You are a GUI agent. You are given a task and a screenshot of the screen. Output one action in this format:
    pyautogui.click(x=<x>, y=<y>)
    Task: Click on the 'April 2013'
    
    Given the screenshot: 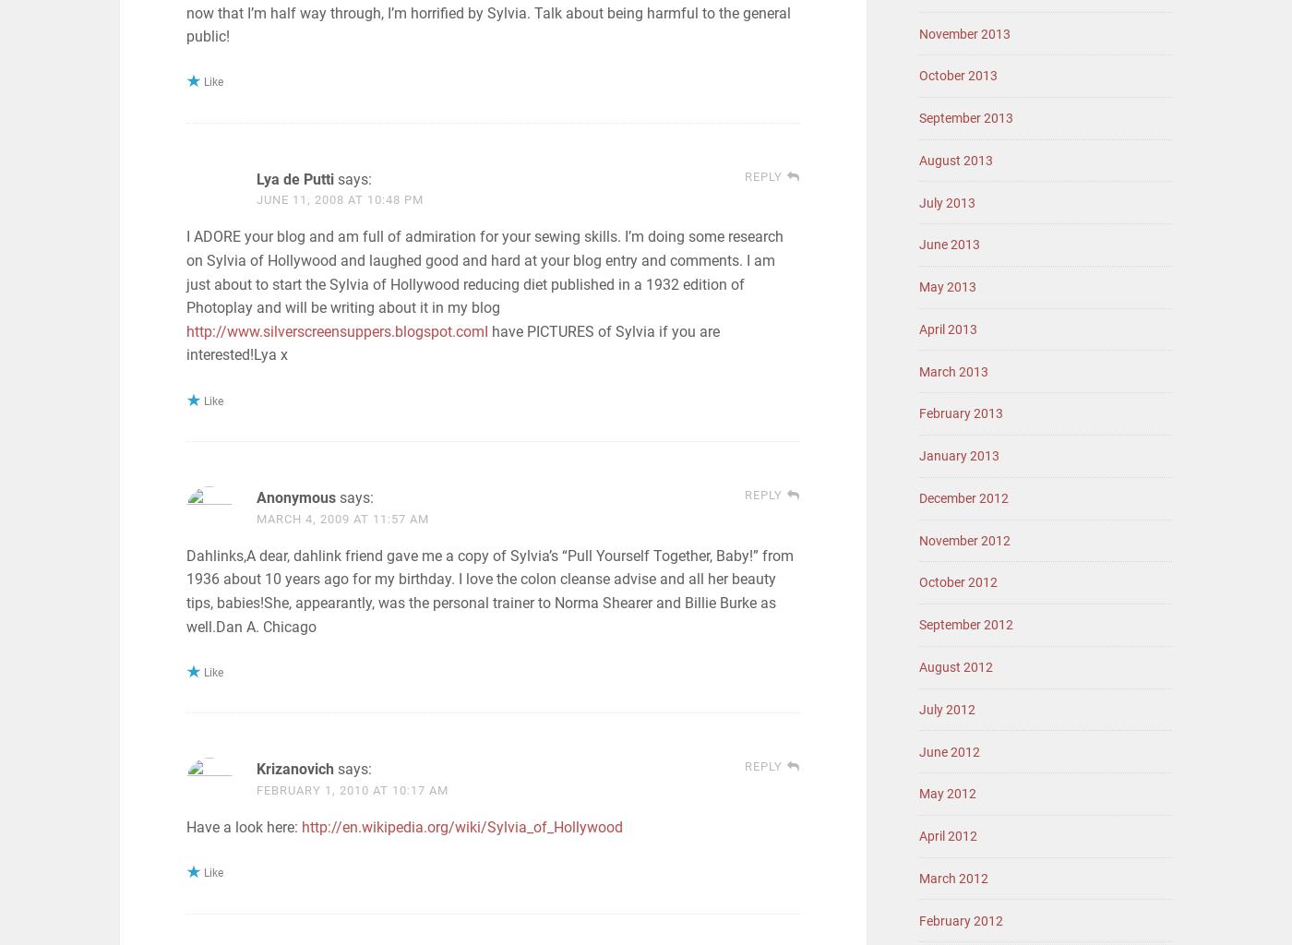 What is the action you would take?
    pyautogui.click(x=948, y=329)
    